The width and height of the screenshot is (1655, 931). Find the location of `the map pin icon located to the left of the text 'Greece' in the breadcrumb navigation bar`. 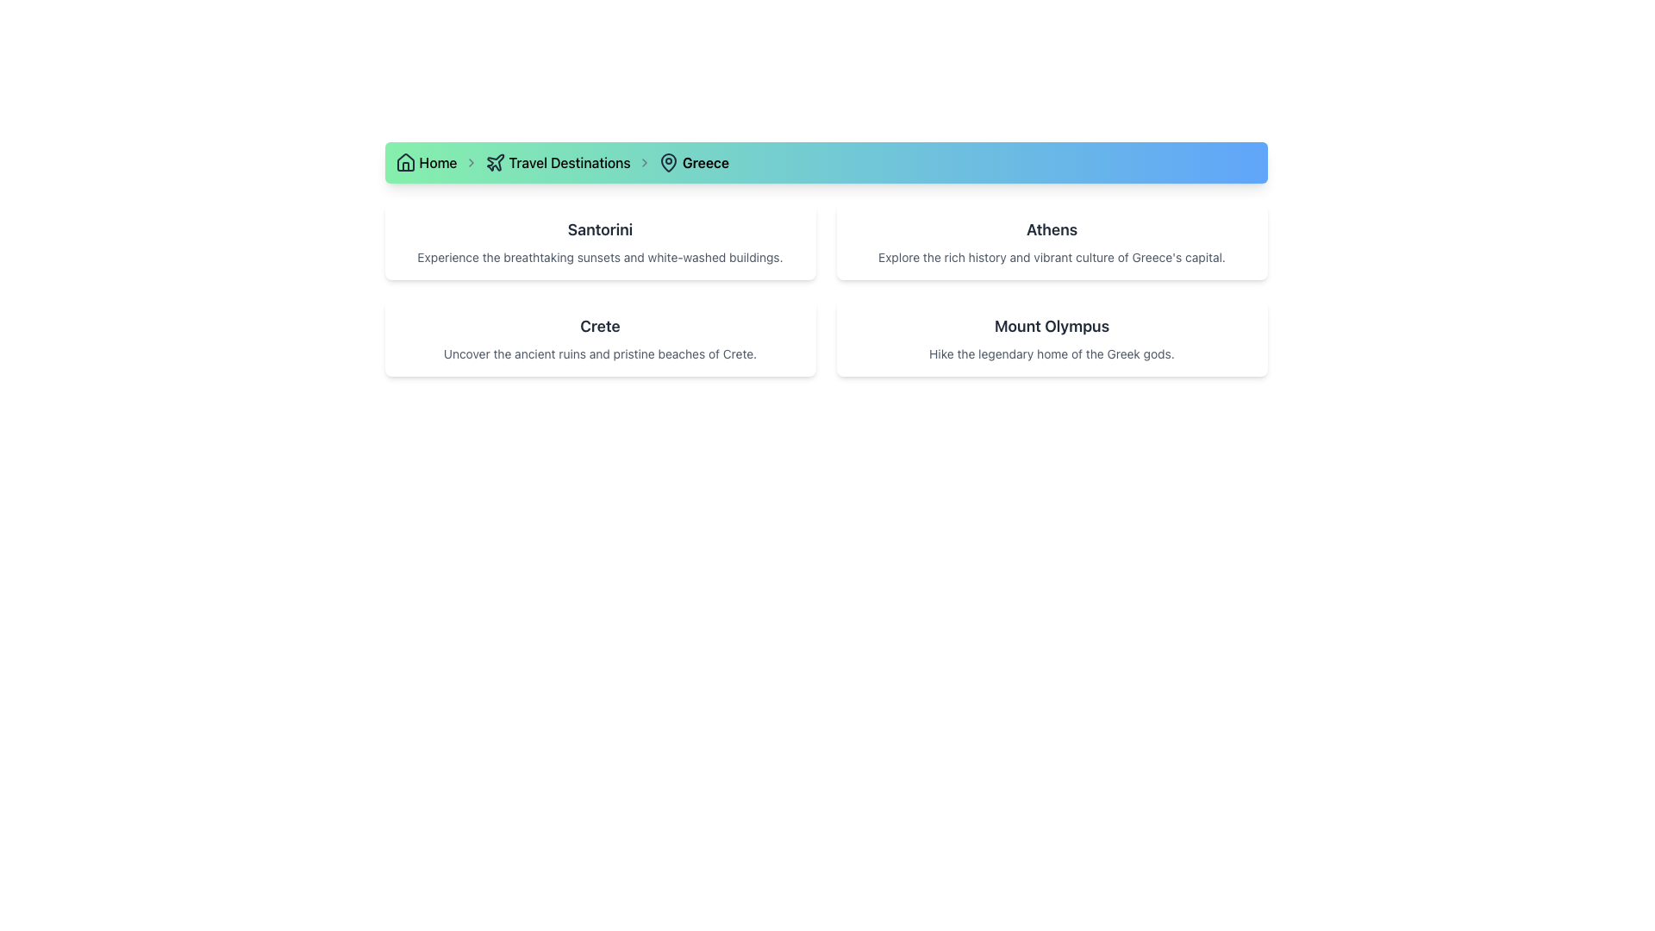

the map pin icon located to the left of the text 'Greece' in the breadcrumb navigation bar is located at coordinates (667, 163).